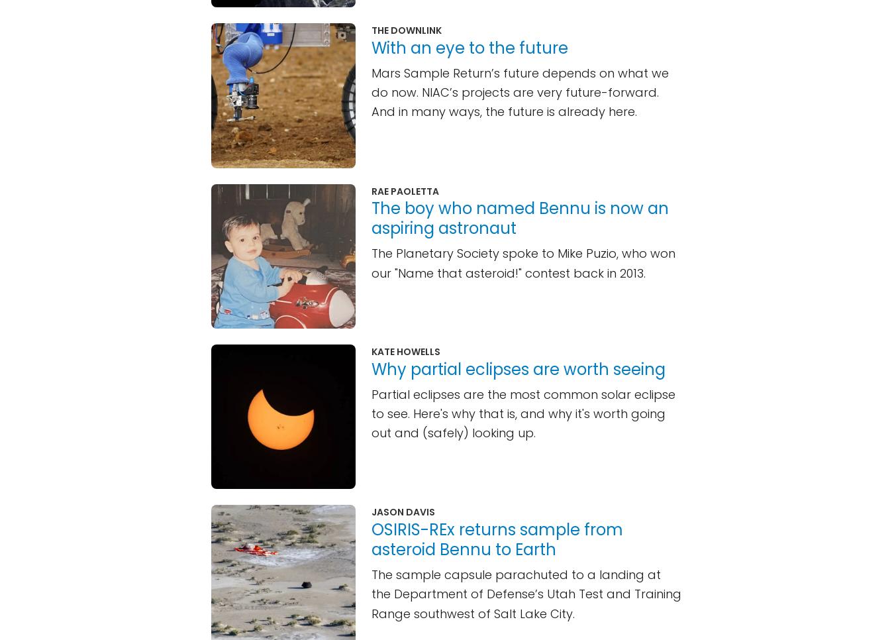 Image resolution: width=894 pixels, height=640 pixels. I want to click on 'The Downlink', so click(371, 30).